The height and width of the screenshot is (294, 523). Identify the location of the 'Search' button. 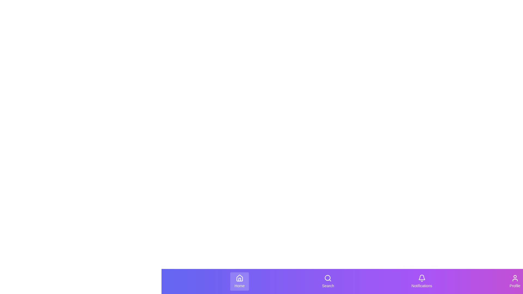
(328, 281).